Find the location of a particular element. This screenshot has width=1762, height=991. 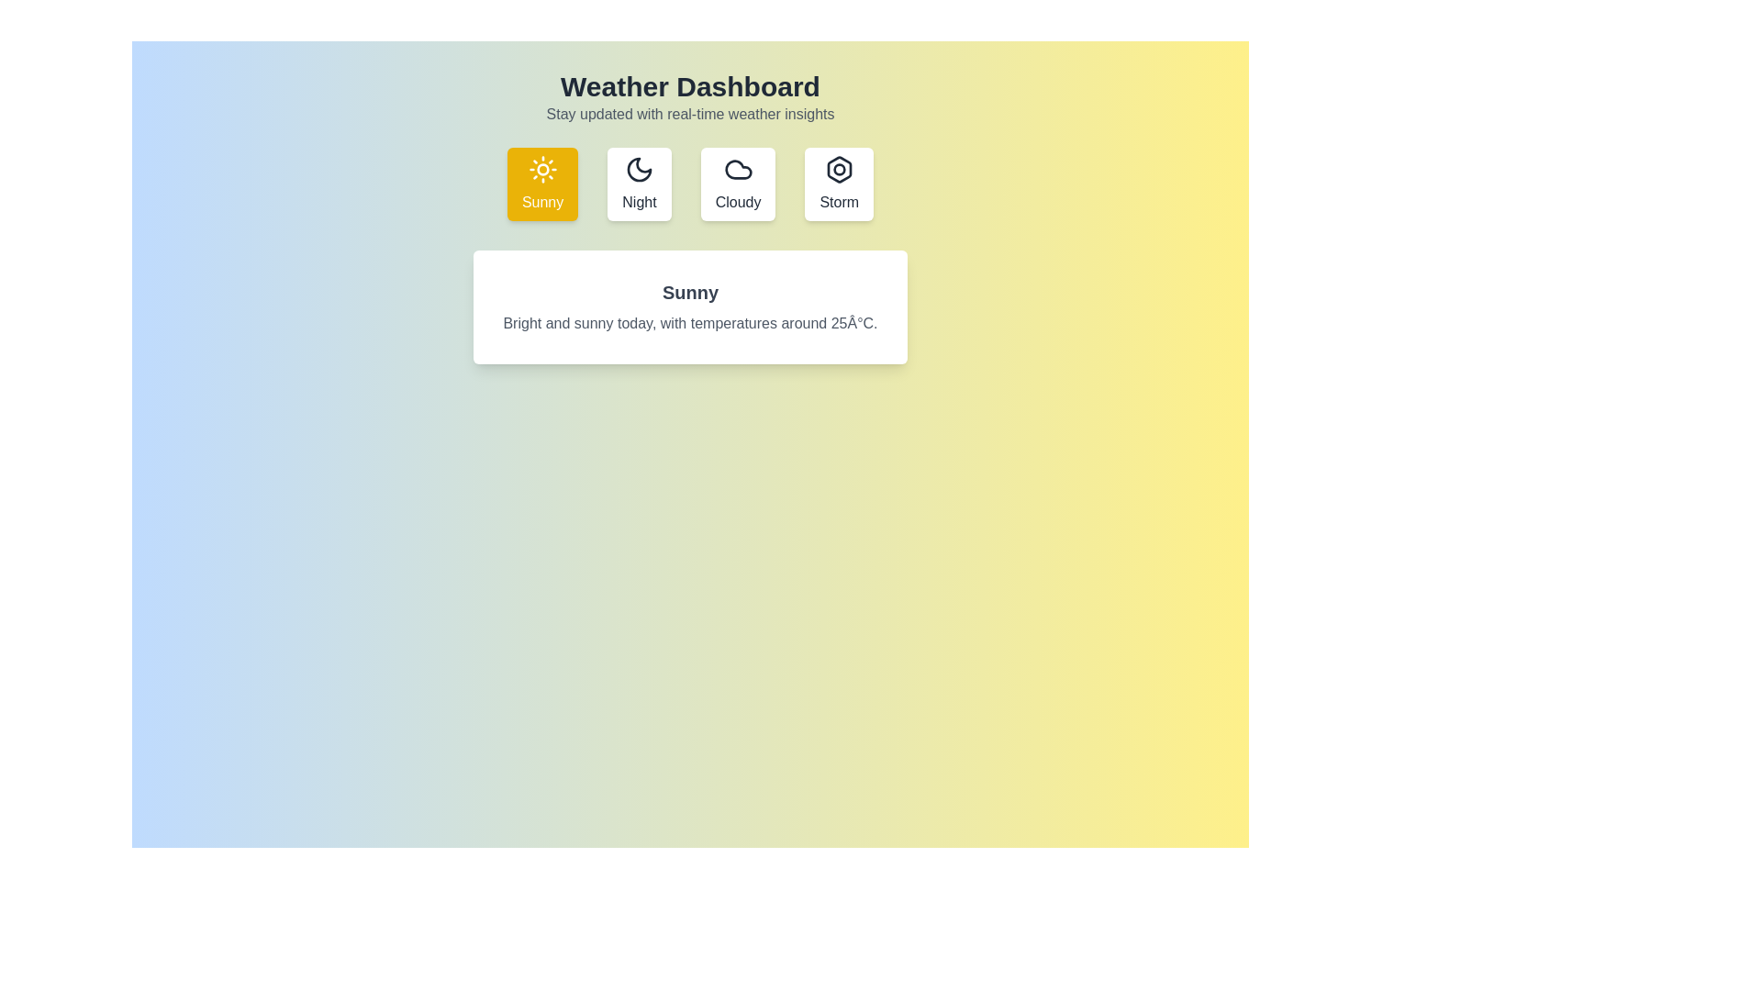

the Storm weather condition tab is located at coordinates (838, 184).